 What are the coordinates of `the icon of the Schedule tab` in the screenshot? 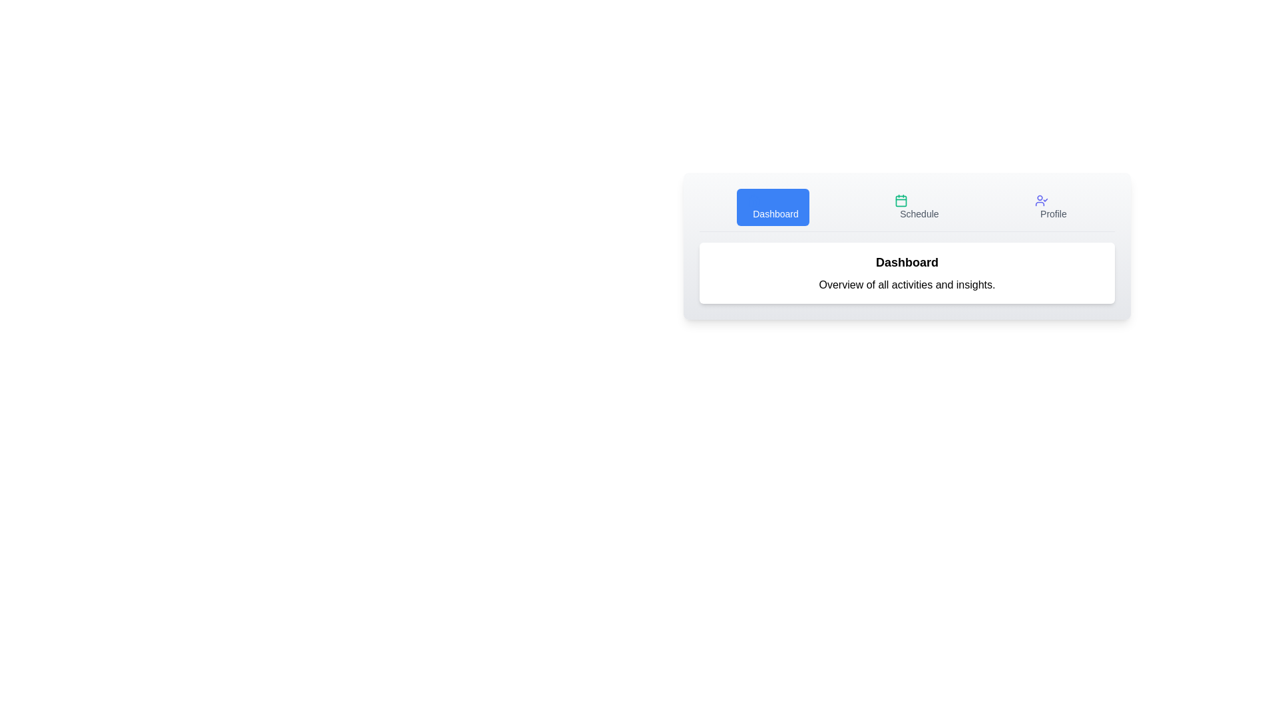 It's located at (901, 200).